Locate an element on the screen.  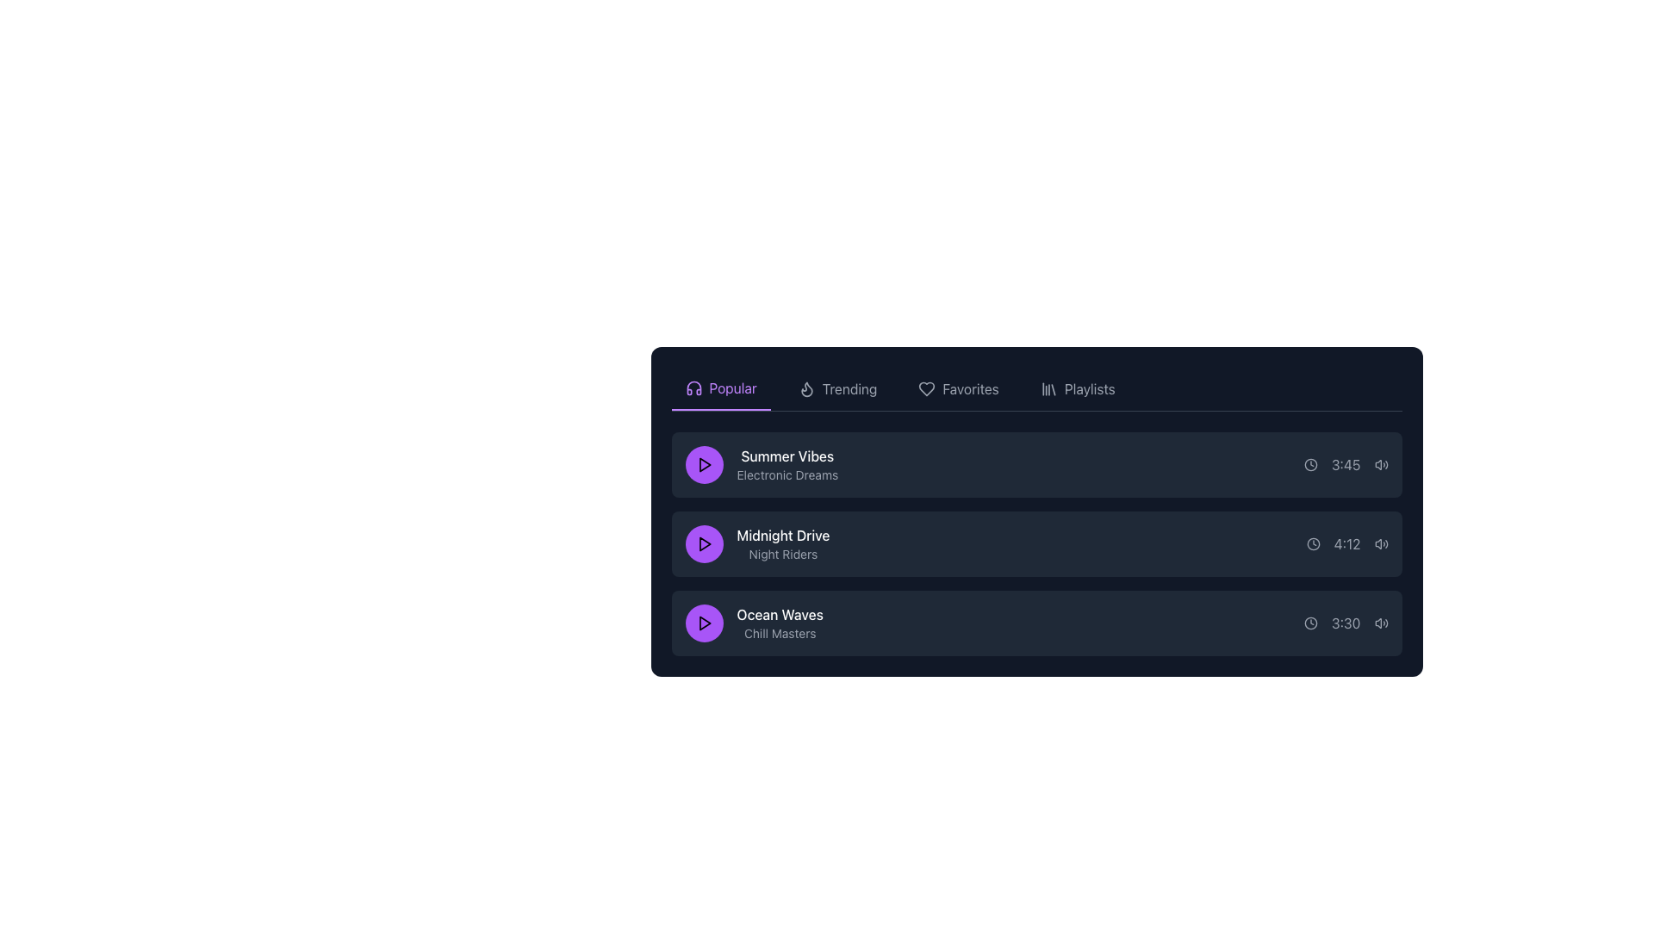
the second list item titled 'Midnight Drive' with a purple play button is located at coordinates (1035, 544).